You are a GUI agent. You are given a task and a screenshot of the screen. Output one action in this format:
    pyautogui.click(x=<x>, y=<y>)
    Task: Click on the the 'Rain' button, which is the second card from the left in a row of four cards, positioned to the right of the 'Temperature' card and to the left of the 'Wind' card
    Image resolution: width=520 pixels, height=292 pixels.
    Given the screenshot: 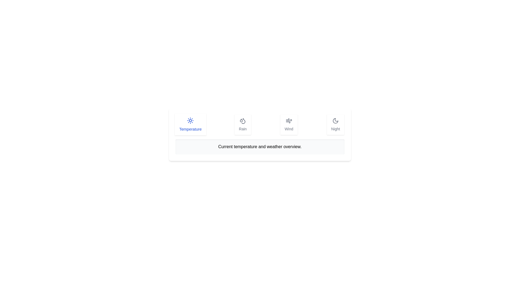 What is the action you would take?
    pyautogui.click(x=242, y=125)
    